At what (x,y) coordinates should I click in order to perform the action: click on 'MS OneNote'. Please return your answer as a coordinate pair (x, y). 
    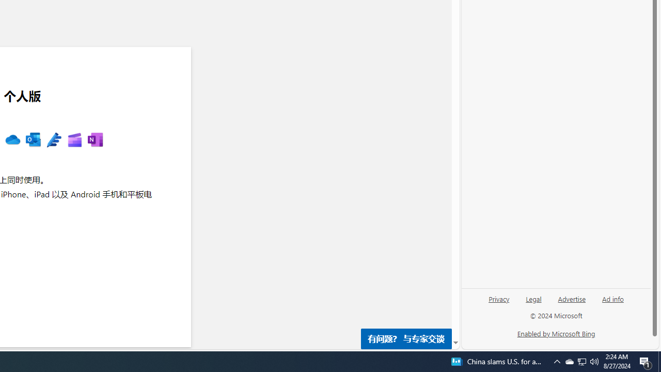
    Looking at the image, I should click on (95, 140).